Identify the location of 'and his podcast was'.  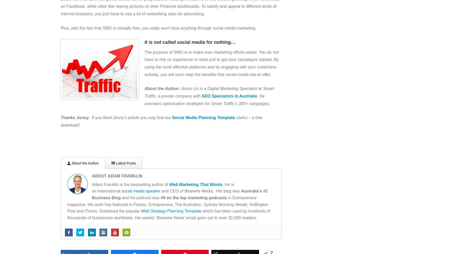
(140, 197).